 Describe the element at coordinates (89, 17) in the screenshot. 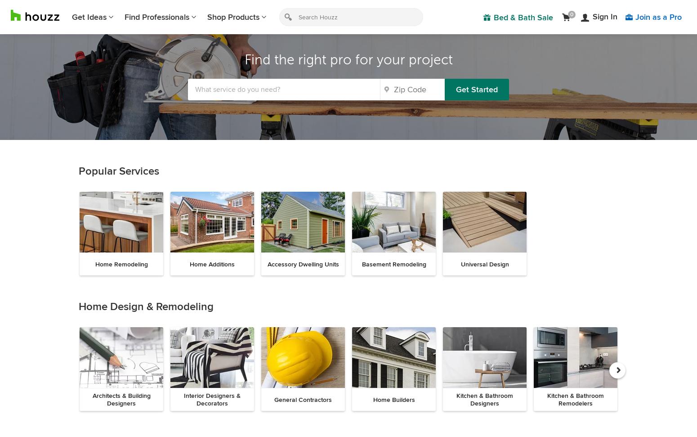

I see `'Get Ideas'` at that location.